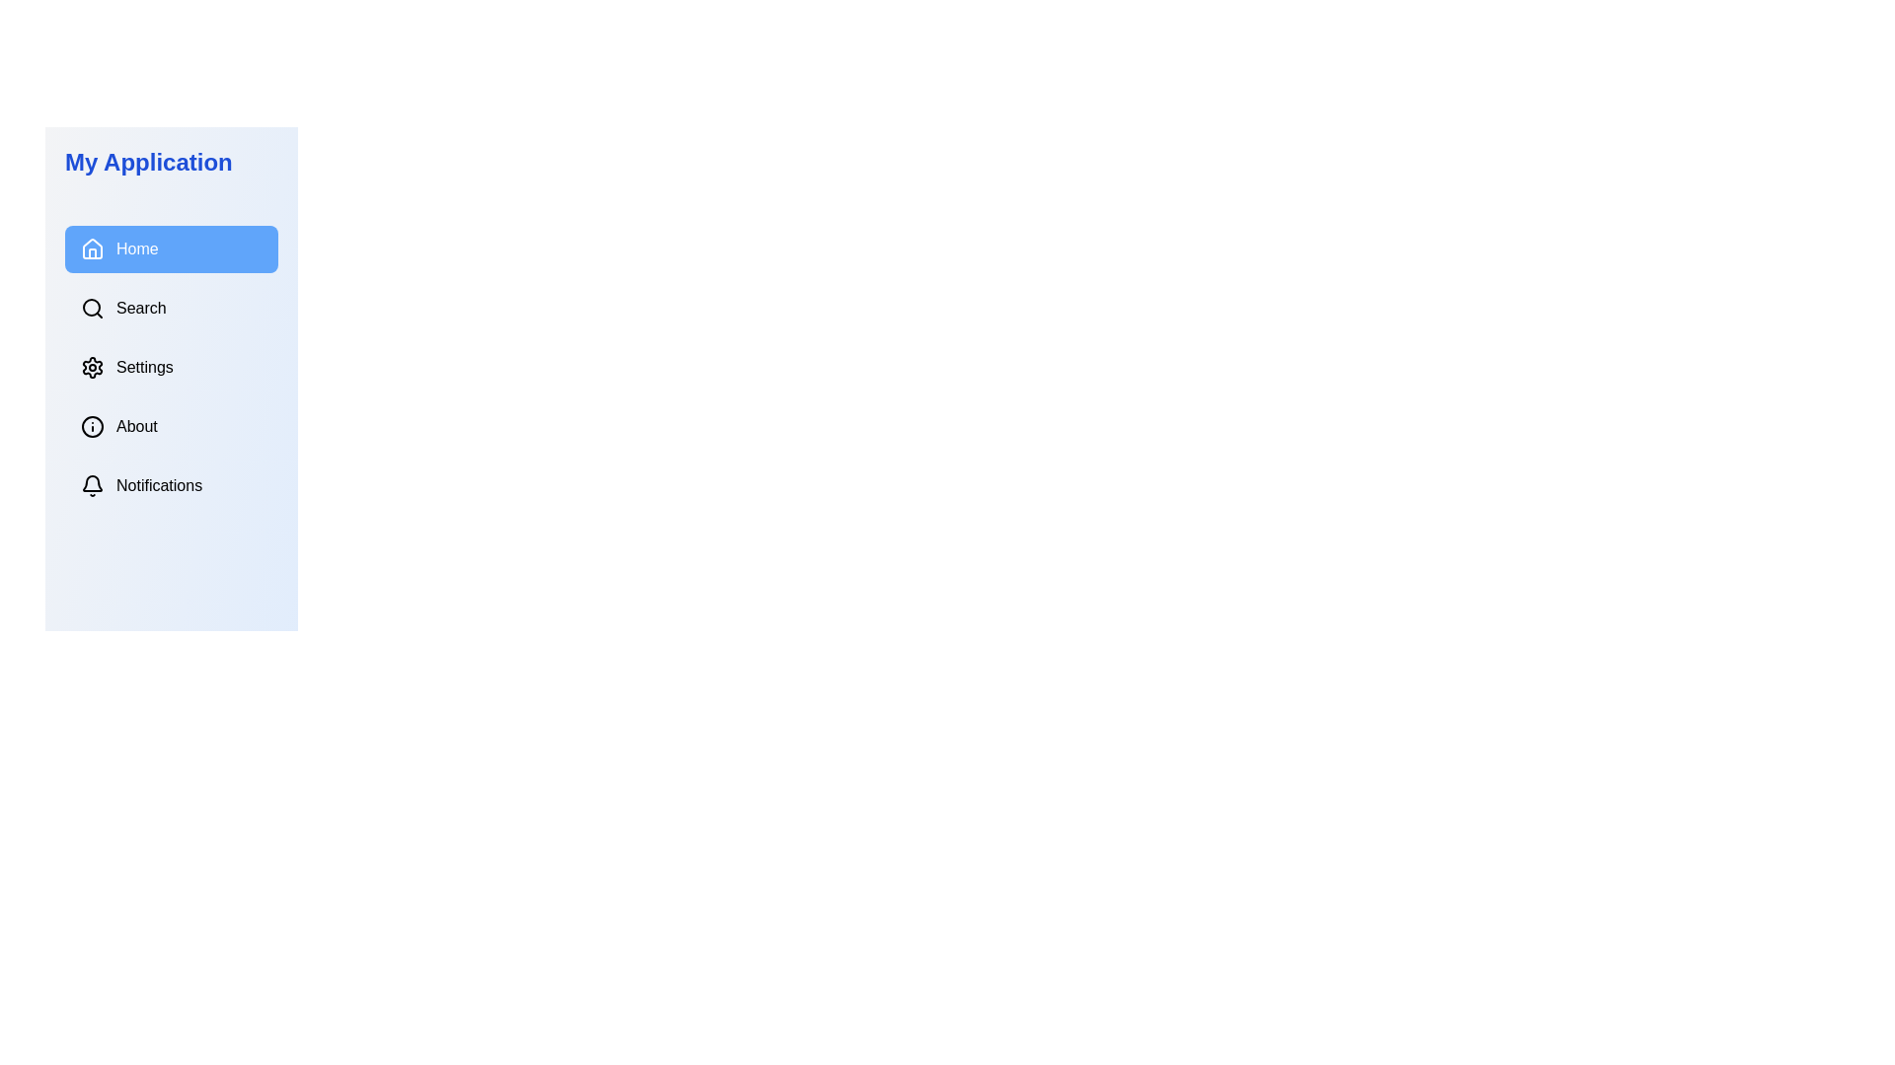 This screenshot has height=1065, width=1895. Describe the element at coordinates (92, 368) in the screenshot. I see `the settings icon in the sidebar menu` at that location.